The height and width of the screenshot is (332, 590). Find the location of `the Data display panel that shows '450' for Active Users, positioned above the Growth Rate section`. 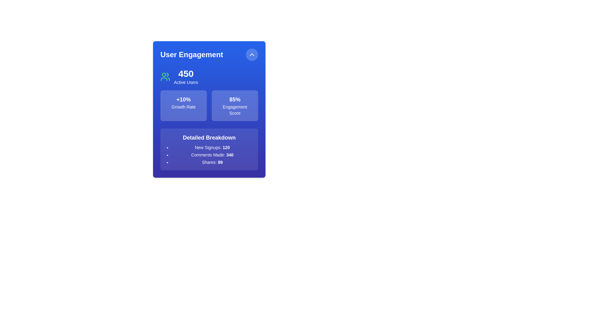

the Data display panel that shows '450' for Active Users, positioned above the Growth Rate section is located at coordinates (209, 77).